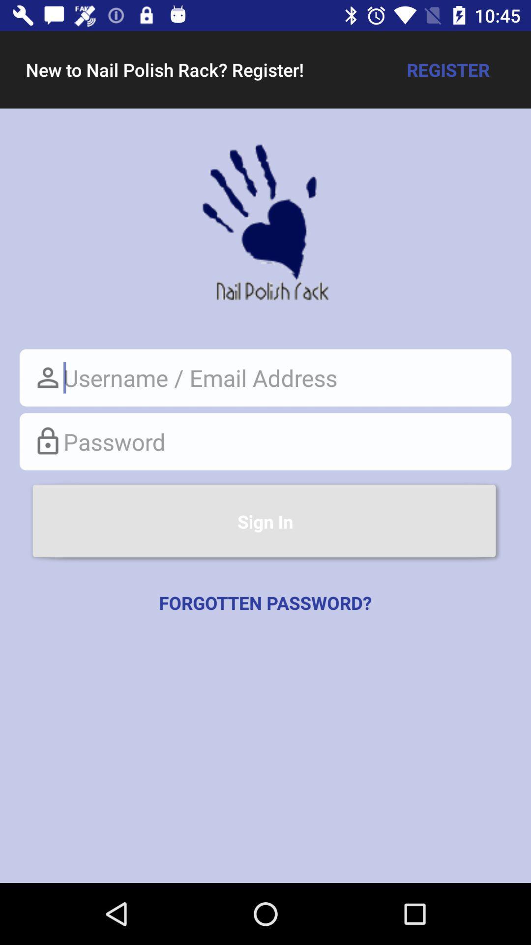 The image size is (531, 945). I want to click on your username or email, so click(265, 377).